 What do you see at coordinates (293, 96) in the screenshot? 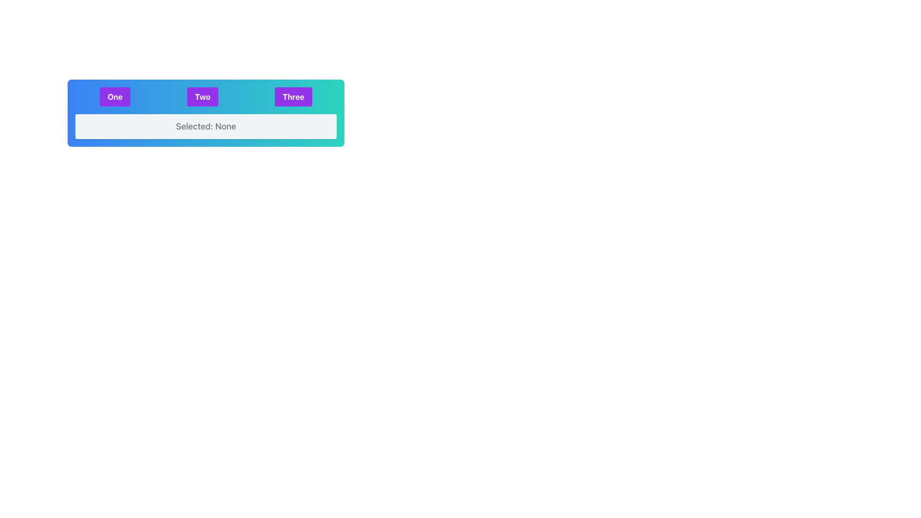
I see `the button labeled 'Three', which is a rectangular button with a purple background and bold white text` at bounding box center [293, 96].